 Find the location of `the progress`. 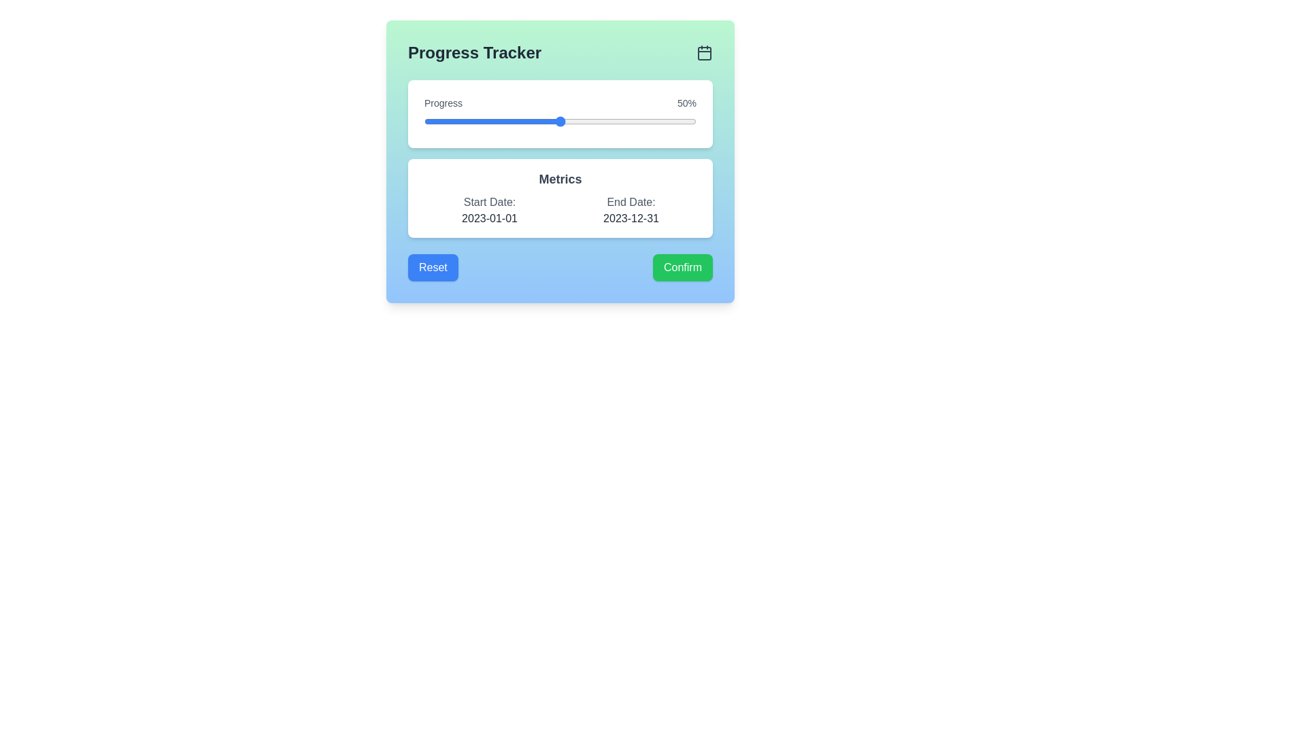

the progress is located at coordinates (518, 120).